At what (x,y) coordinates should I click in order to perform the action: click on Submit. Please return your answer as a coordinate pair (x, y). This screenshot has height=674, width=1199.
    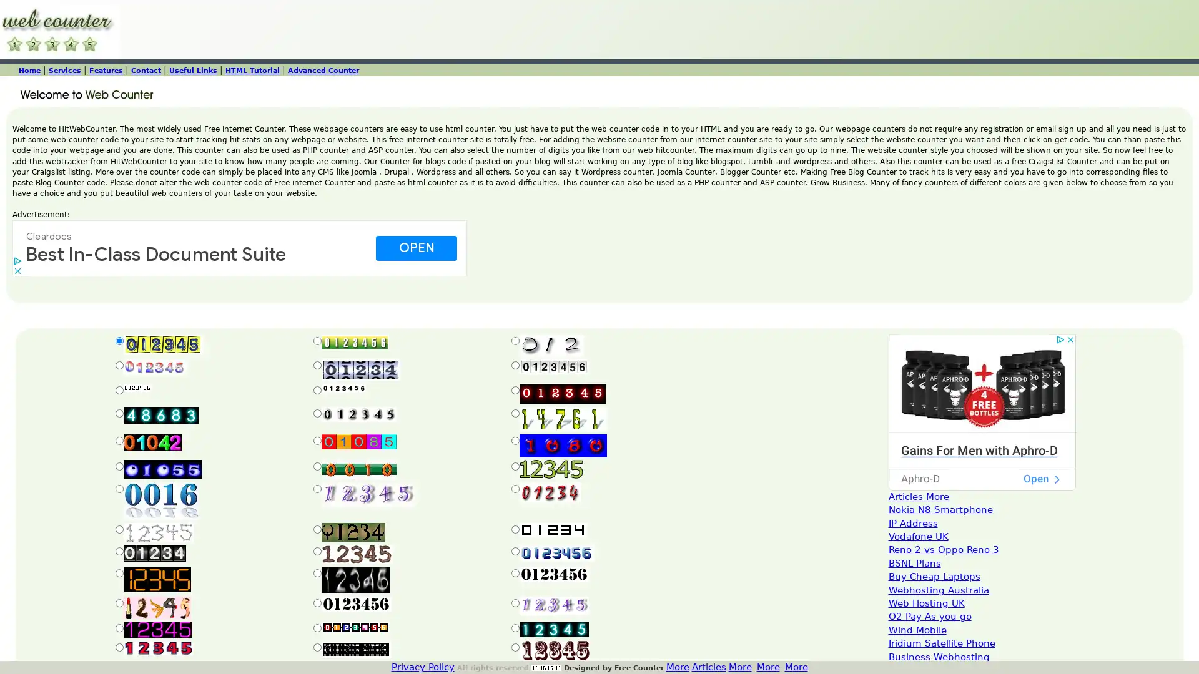
    Looking at the image, I should click on (160, 414).